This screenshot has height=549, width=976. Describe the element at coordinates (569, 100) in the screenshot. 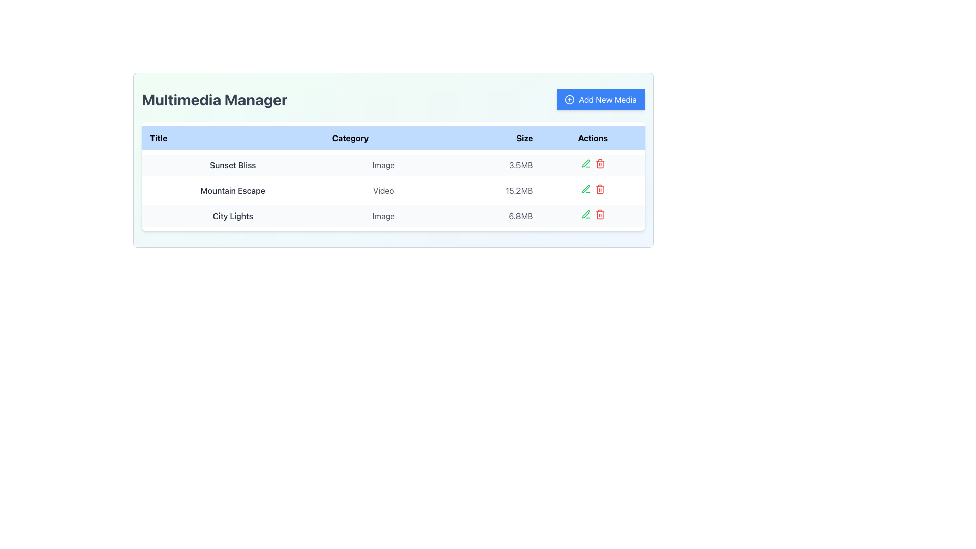

I see `the circular icon to the left of the 'Add New Media' text in the Multimedia Manager interface` at that location.